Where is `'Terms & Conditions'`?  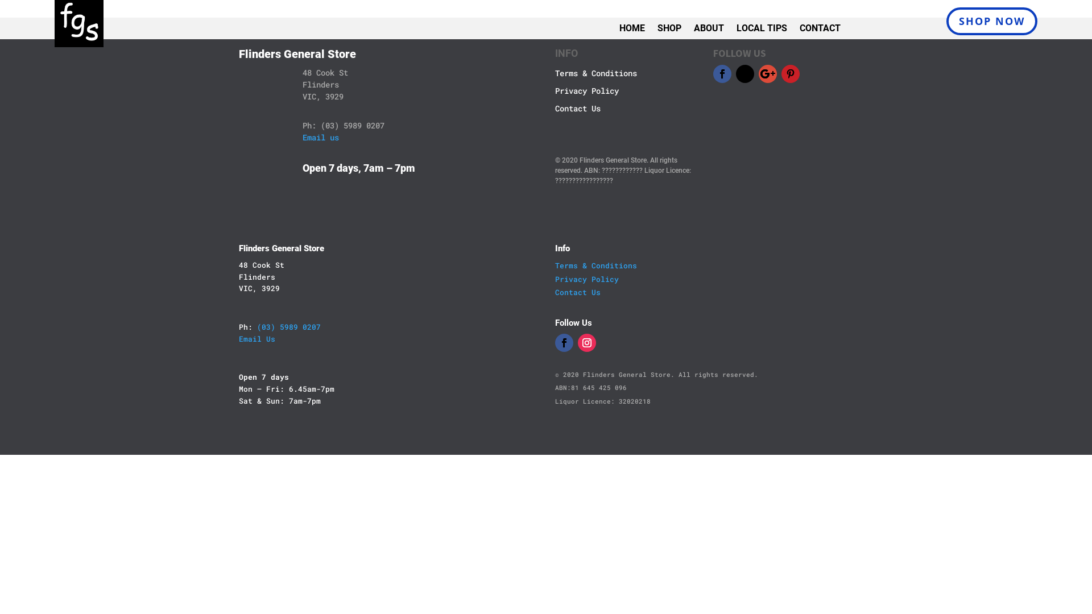 'Terms & Conditions' is located at coordinates (595, 265).